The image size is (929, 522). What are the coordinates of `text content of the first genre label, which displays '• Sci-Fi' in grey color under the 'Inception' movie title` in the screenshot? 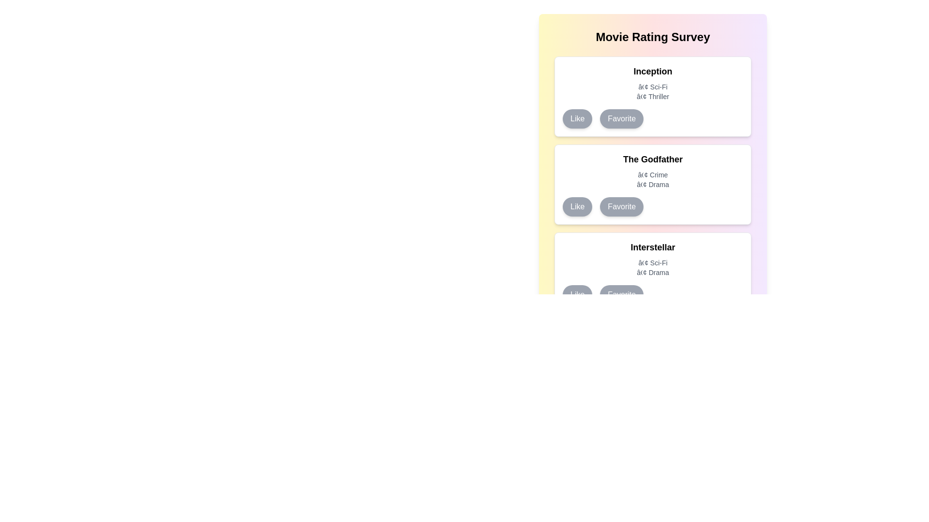 It's located at (653, 87).